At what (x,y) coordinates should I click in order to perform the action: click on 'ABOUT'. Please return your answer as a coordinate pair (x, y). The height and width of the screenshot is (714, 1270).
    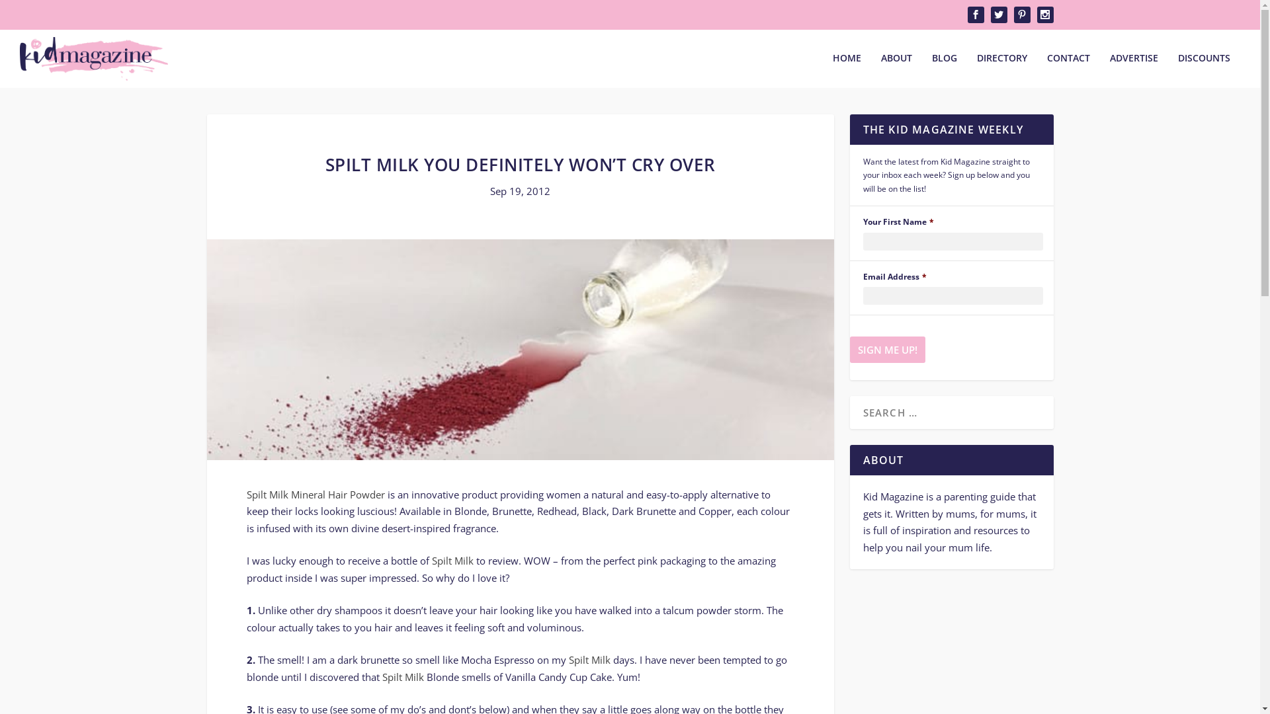
    Looking at the image, I should click on (896, 70).